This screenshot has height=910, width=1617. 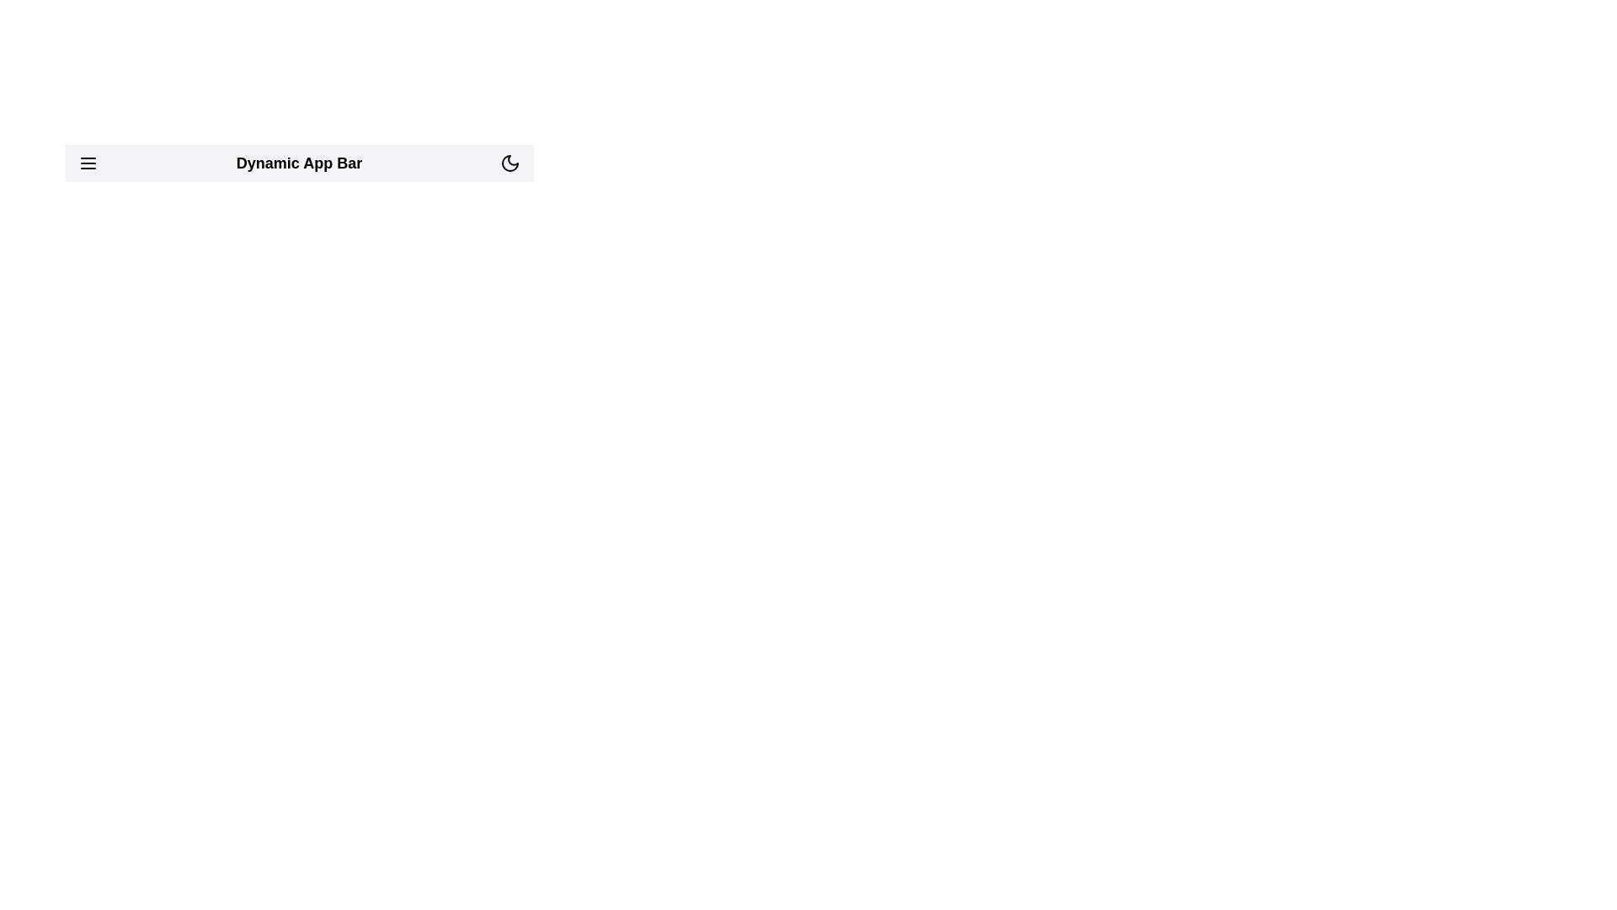 I want to click on the menu button to toggle the menu, so click(x=88, y=163).